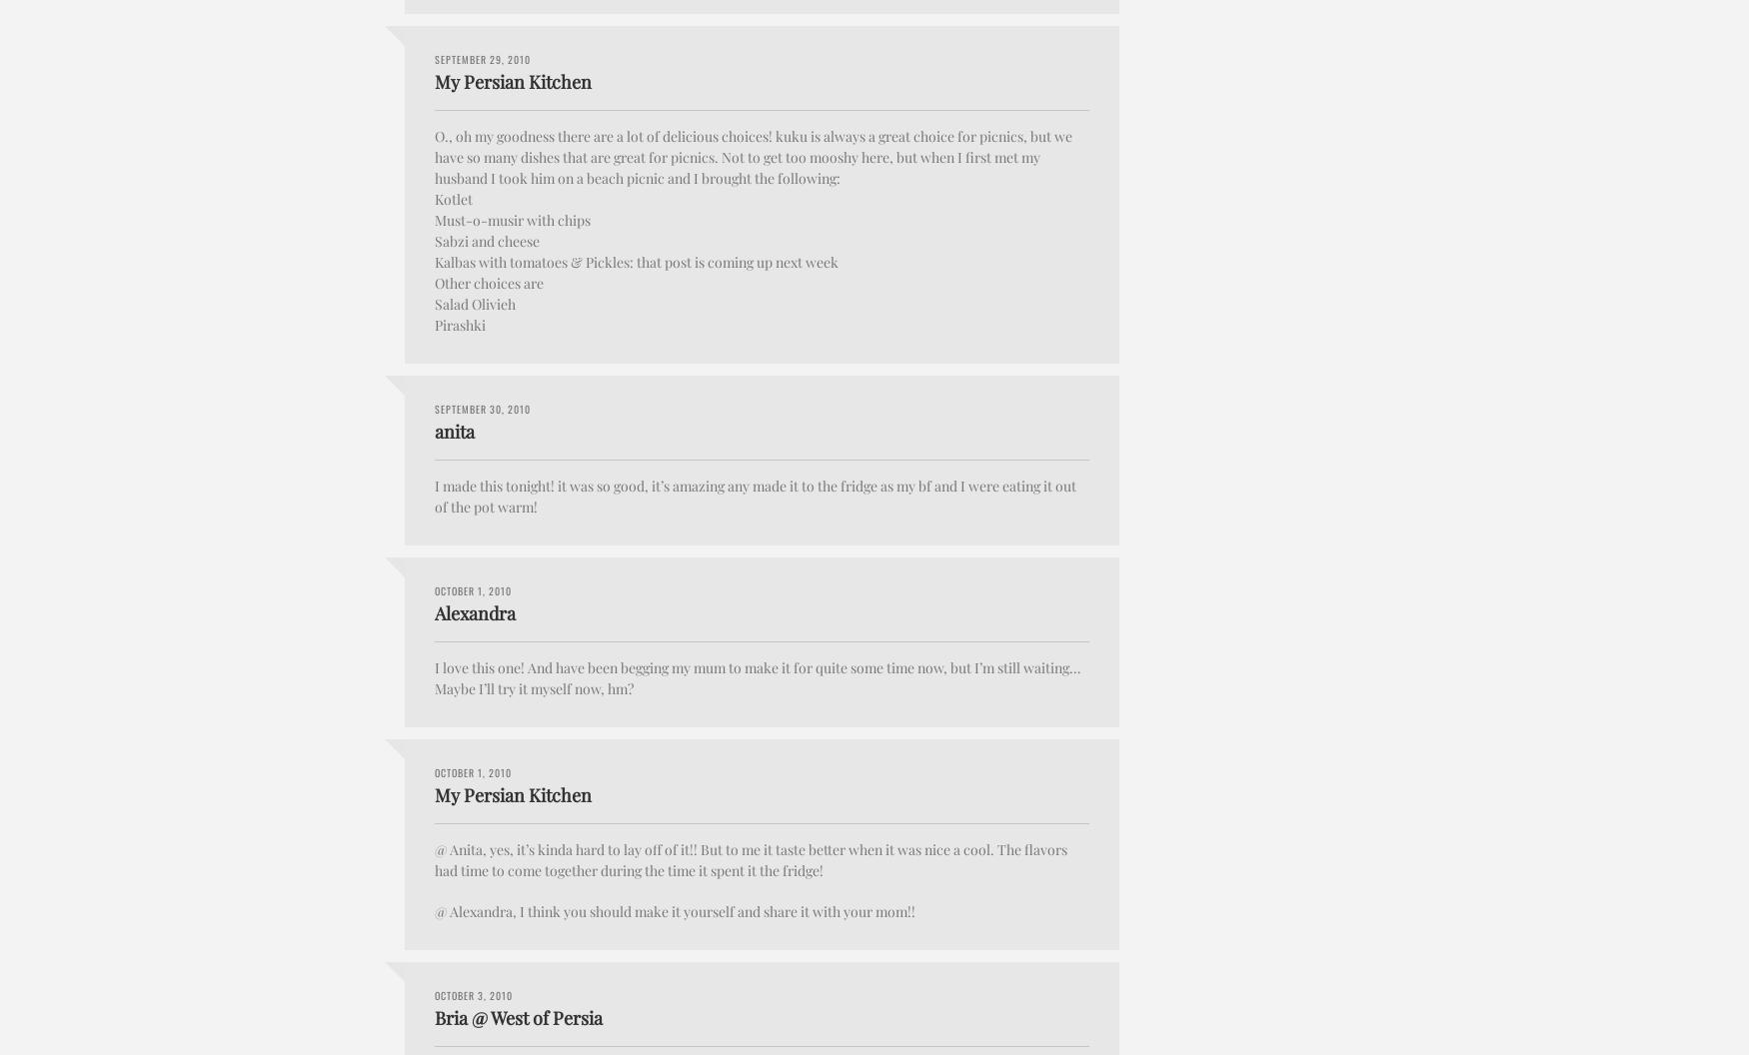  Describe the element at coordinates (460, 324) in the screenshot. I see `'Pirashki'` at that location.